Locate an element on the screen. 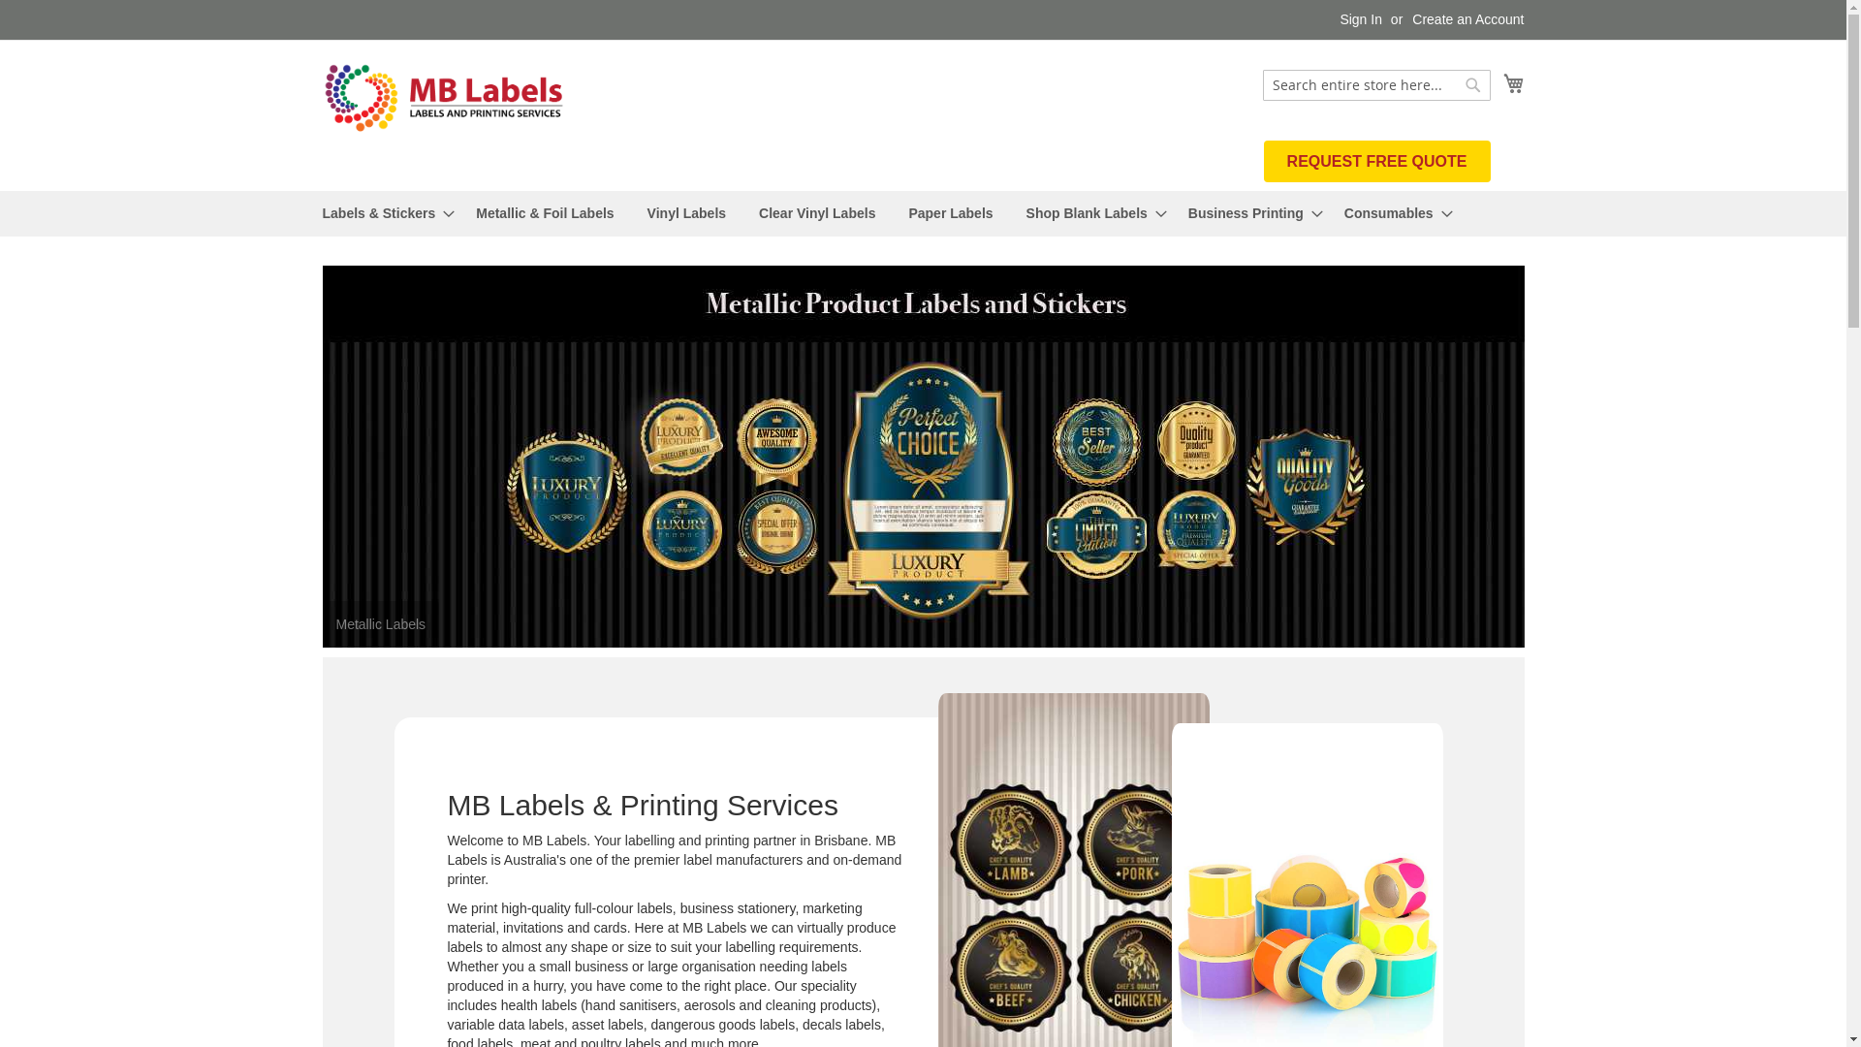 This screenshot has height=1047, width=1861. 'REQUEST FREE QUOTE' is located at coordinates (1264, 160).